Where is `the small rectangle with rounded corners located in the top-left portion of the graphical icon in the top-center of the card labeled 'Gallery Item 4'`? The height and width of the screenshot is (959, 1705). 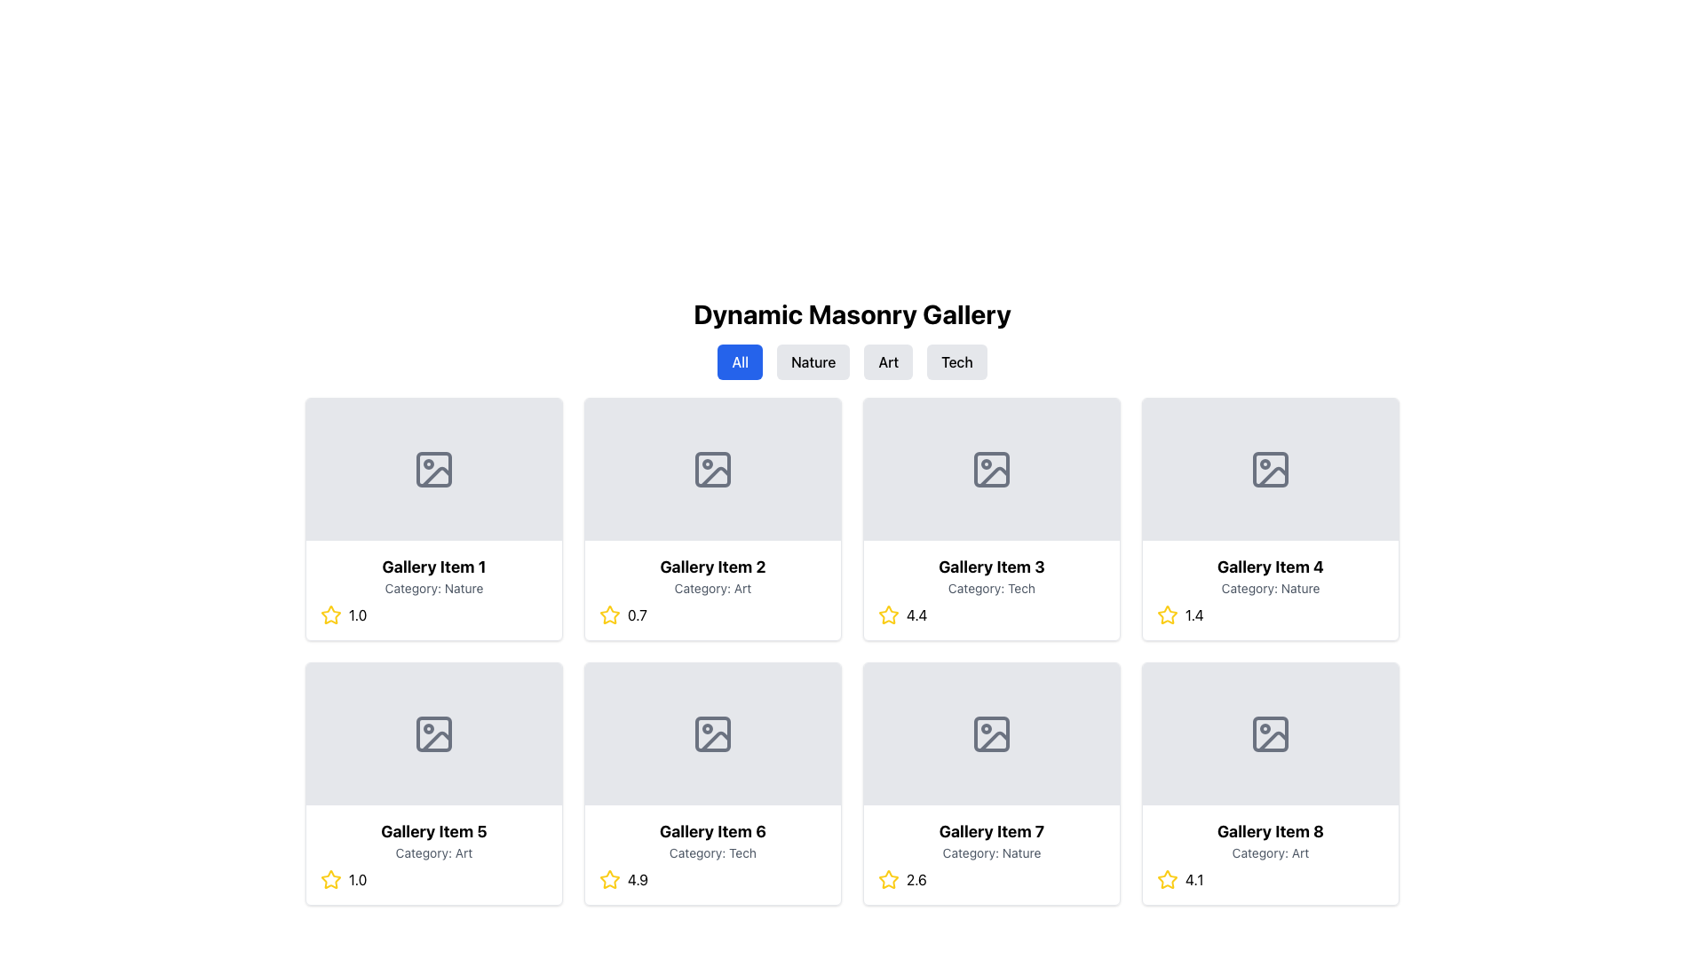 the small rectangle with rounded corners located in the top-left portion of the graphical icon in the top-center of the card labeled 'Gallery Item 4' is located at coordinates (1269, 468).